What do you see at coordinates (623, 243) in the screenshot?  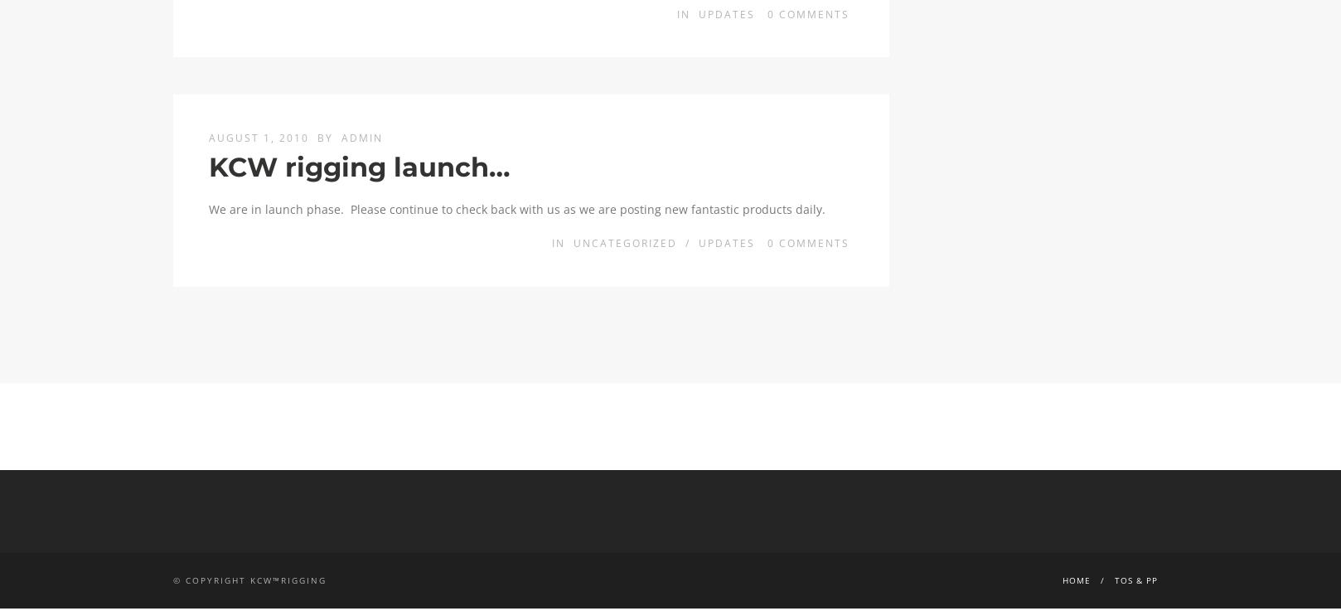 I see `'Uncategorized'` at bounding box center [623, 243].